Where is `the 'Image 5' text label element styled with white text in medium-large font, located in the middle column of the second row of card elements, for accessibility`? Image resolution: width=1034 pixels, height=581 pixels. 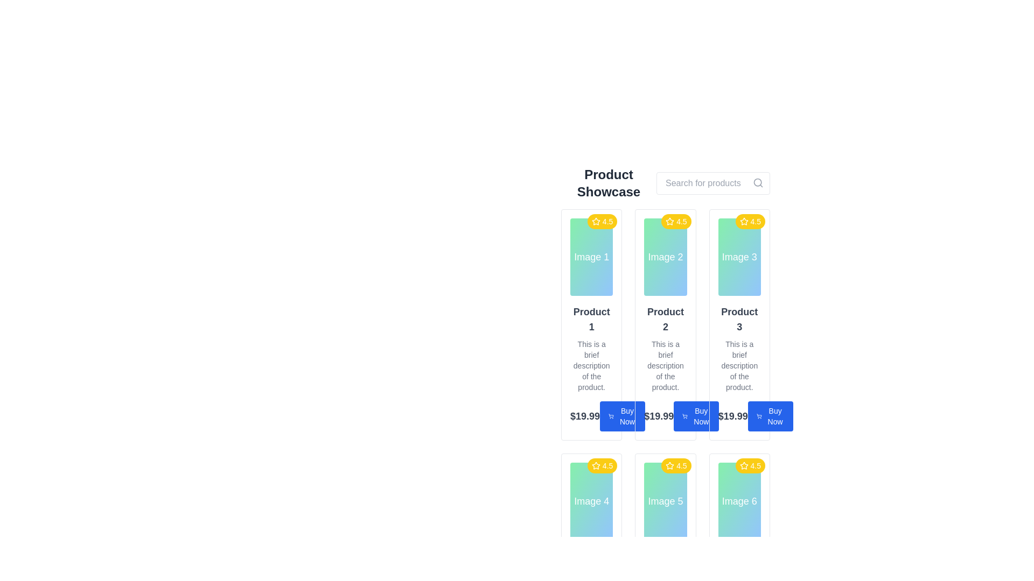 the 'Image 5' text label element styled with white text in medium-large font, located in the middle column of the second row of card elements, for accessibility is located at coordinates (665, 501).